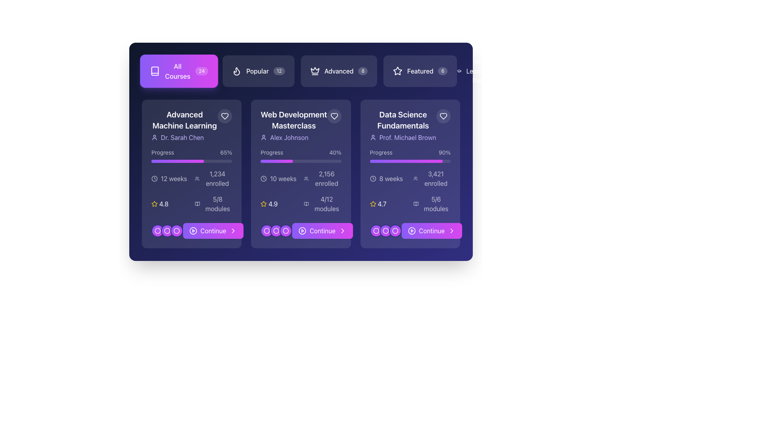  Describe the element at coordinates (411, 231) in the screenshot. I see `the small circular play button icon located to the left of the 'Continue' text within the 'Continue' button of the 'Data Science Fundamentals' course card` at that location.